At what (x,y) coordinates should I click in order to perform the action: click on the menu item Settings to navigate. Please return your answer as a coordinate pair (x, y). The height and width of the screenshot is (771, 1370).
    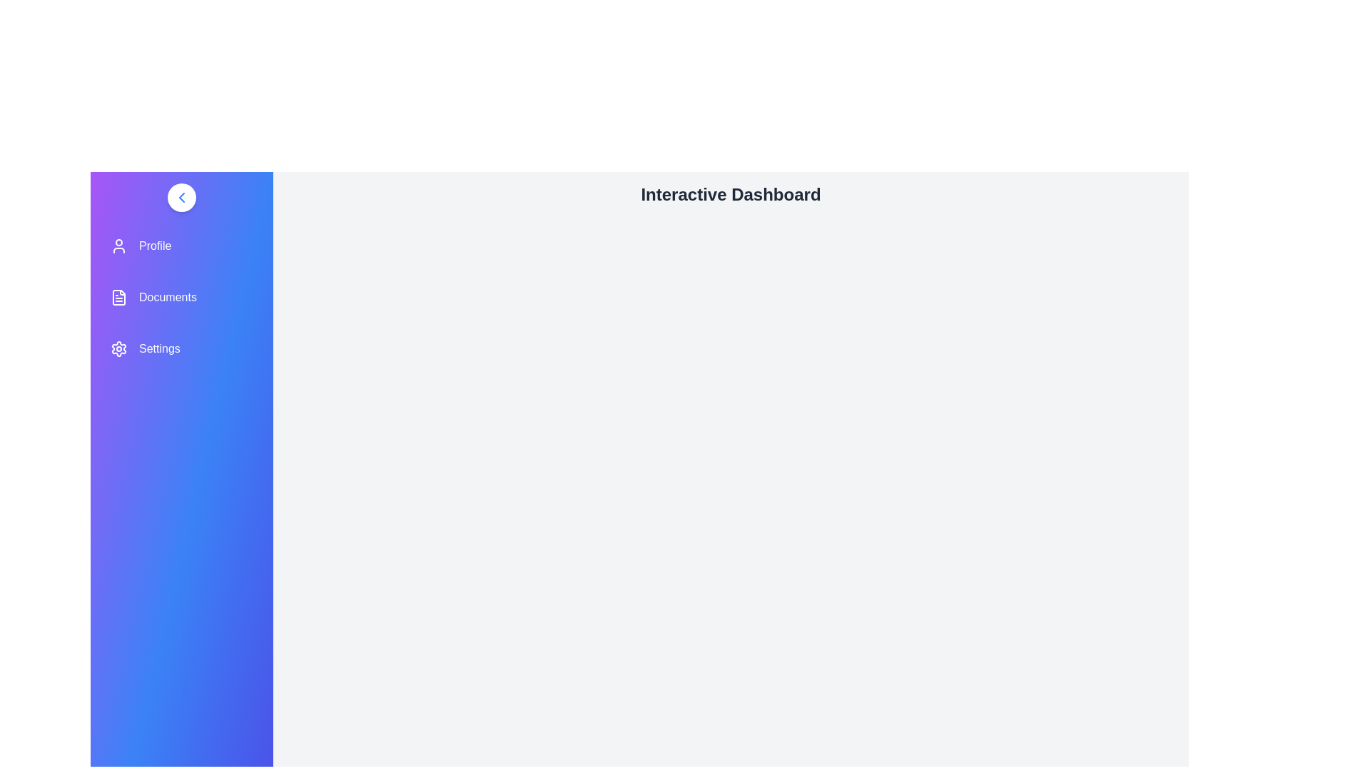
    Looking at the image, I should click on (181, 349).